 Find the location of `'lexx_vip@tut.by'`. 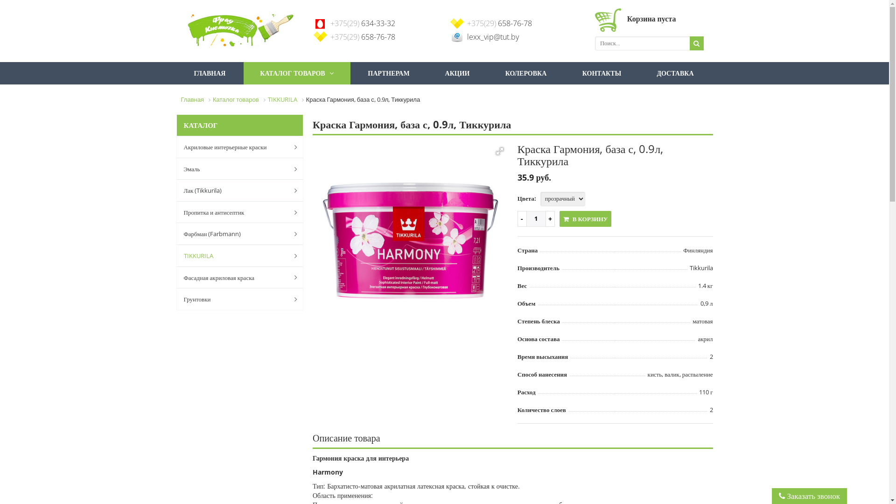

'lexx_vip@tut.by' is located at coordinates (492, 36).